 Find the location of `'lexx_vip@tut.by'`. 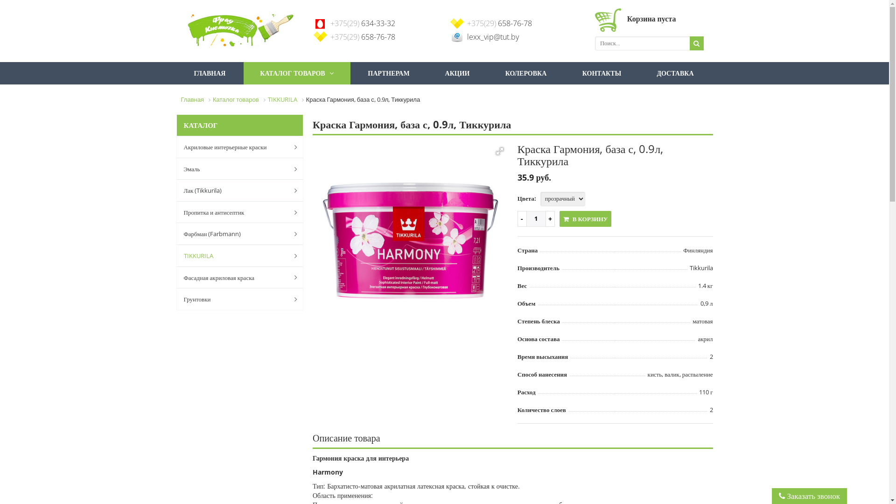

'lexx_vip@tut.by' is located at coordinates (492, 36).